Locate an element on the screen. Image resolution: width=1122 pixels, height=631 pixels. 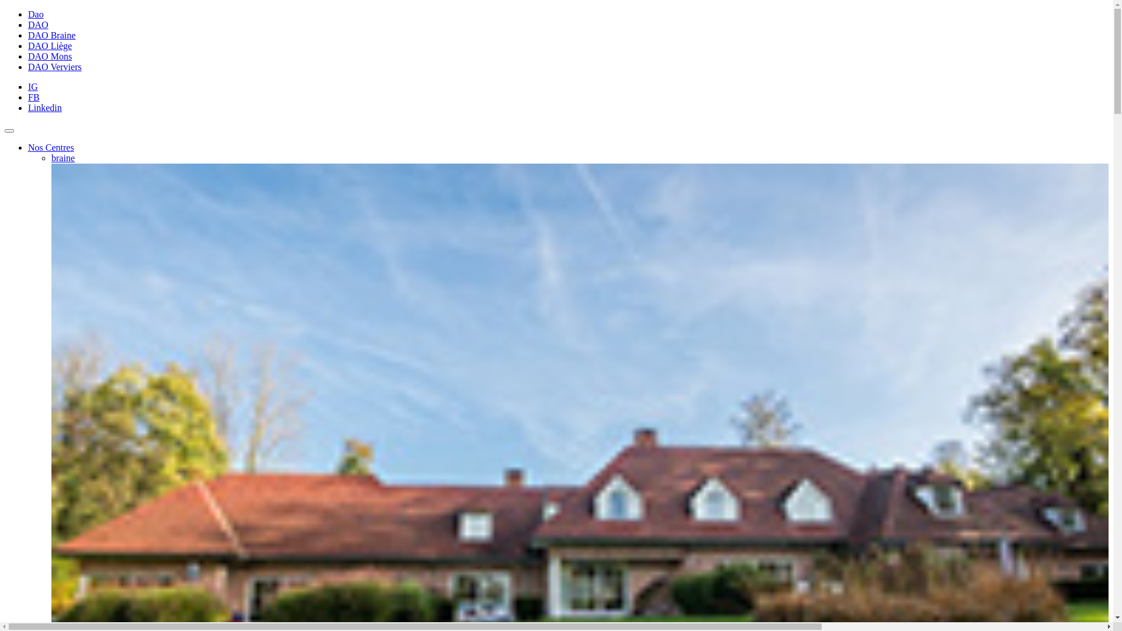
'Linkedin' is located at coordinates (44, 108).